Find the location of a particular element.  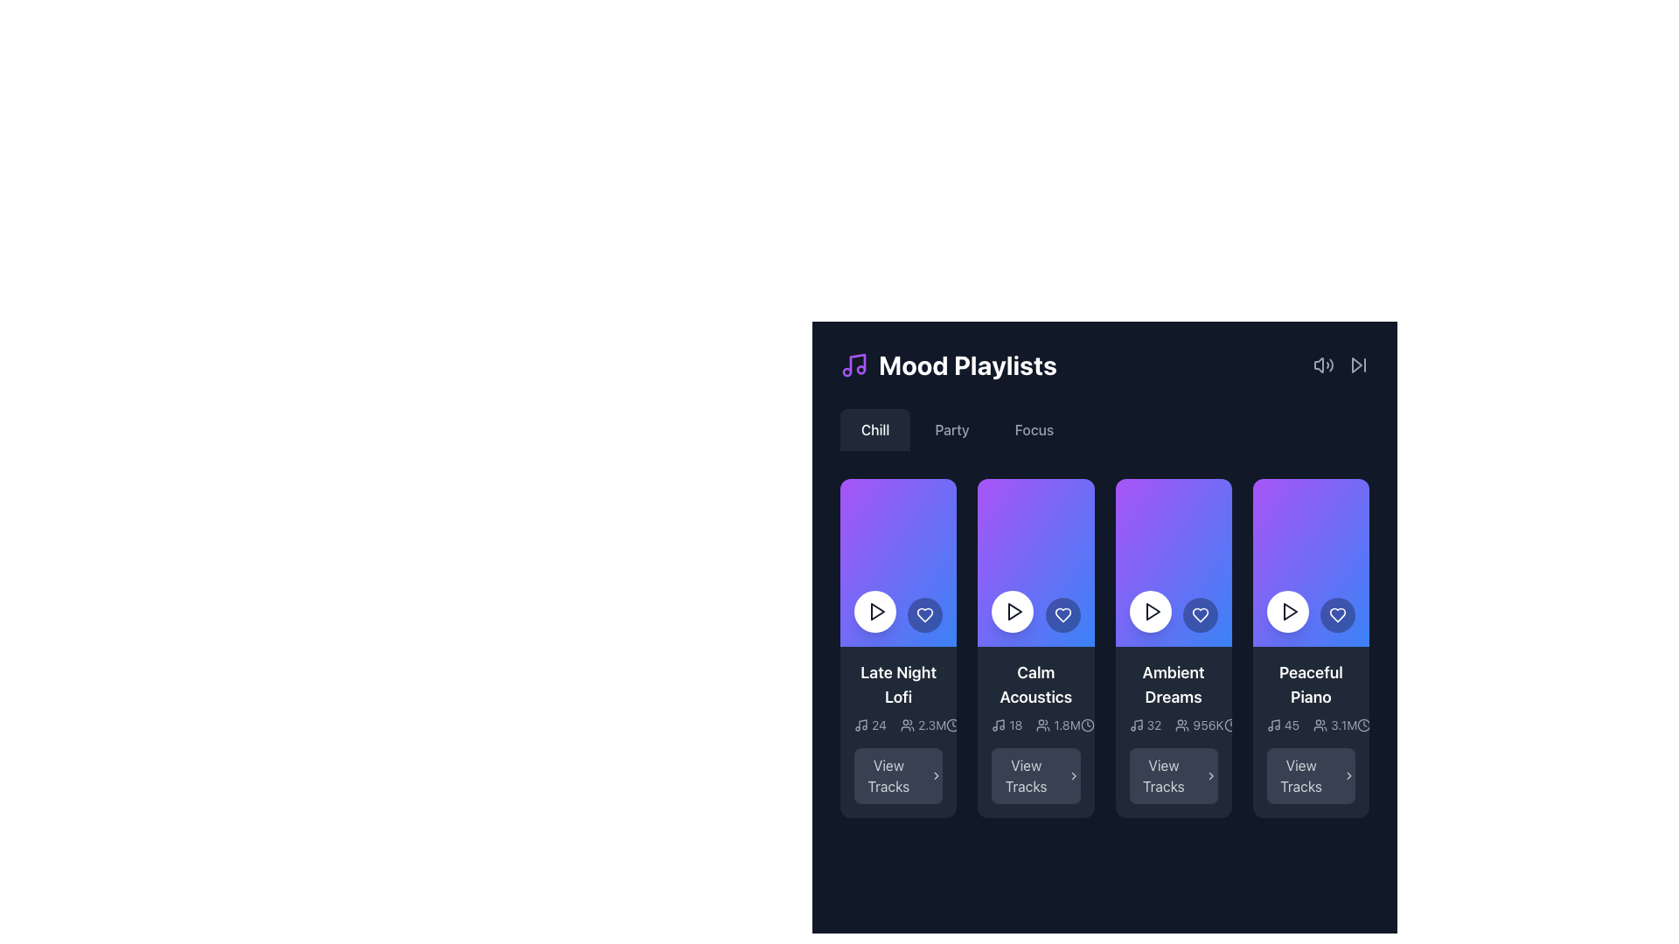

information displayed in the text element indicating the number of tracks related to the 'Calm Acoustics' playlist, located above the 'View Tracks' button is located at coordinates (1007, 725).